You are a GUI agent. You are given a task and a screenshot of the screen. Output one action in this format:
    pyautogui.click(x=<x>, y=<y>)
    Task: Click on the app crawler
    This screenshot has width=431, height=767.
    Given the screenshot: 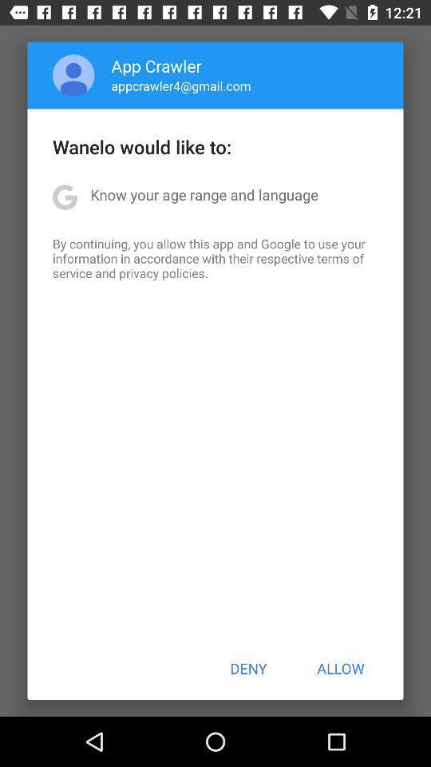 What is the action you would take?
    pyautogui.click(x=156, y=66)
    